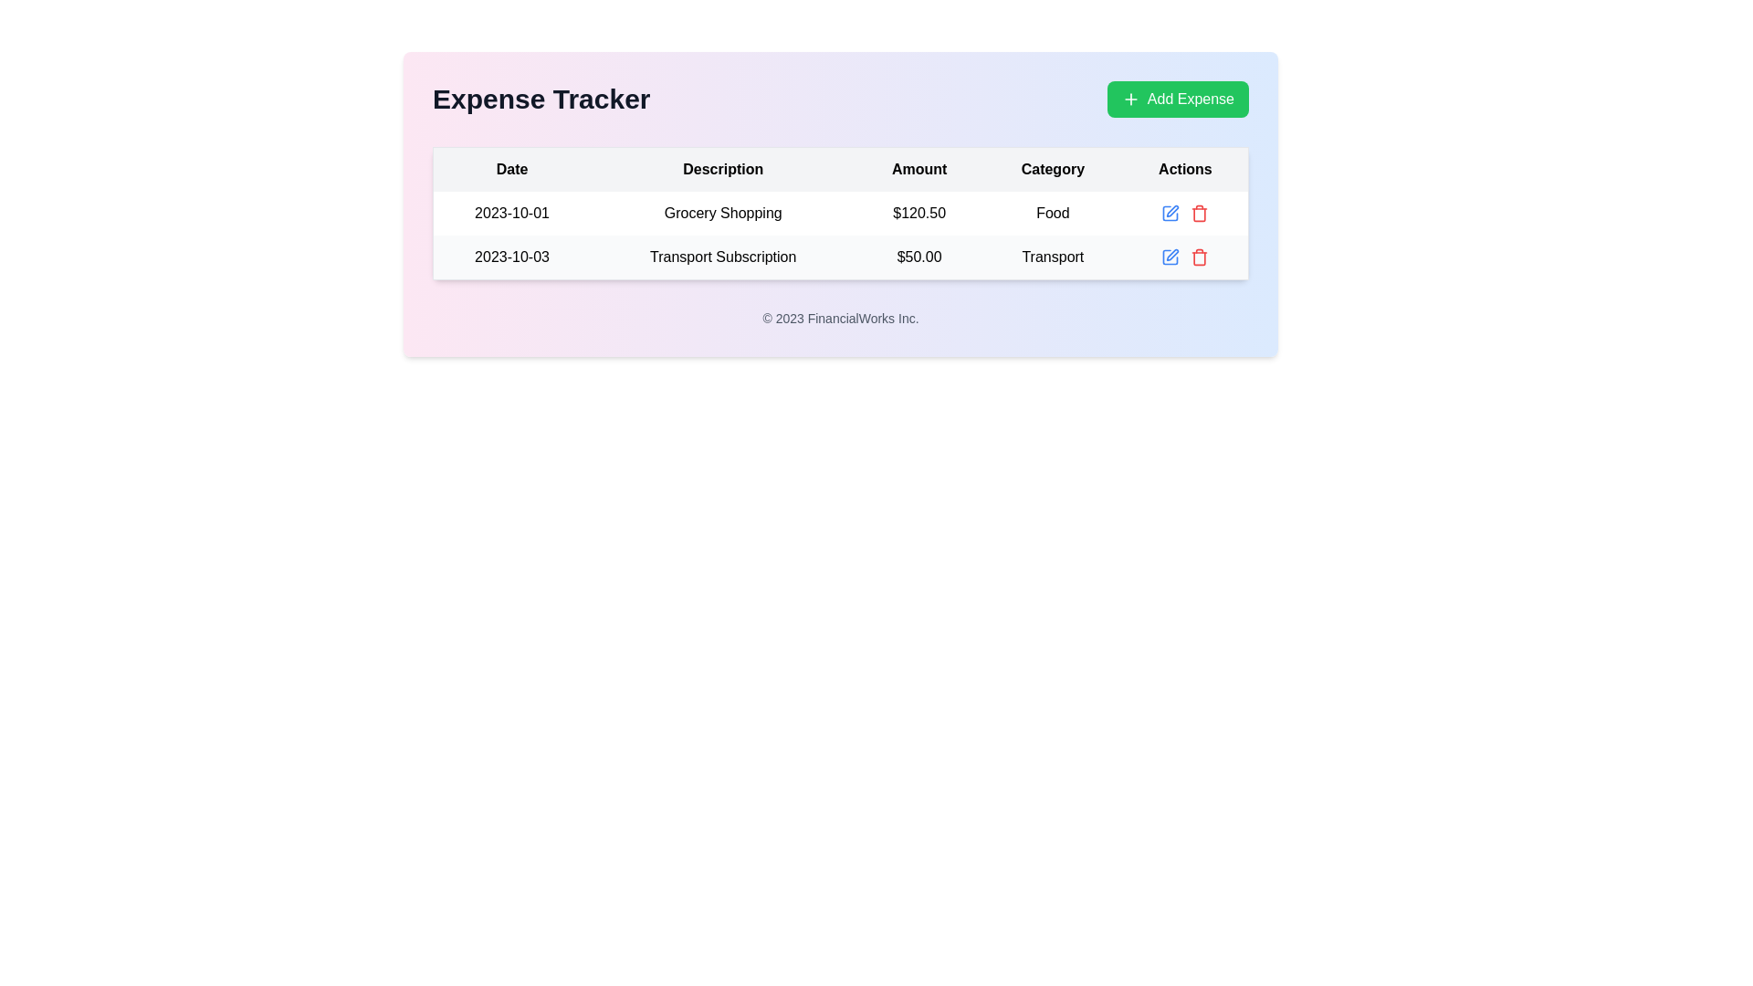 This screenshot has width=1753, height=986. What do you see at coordinates (1172, 255) in the screenshot?
I see `the edit icon in the 'Actions' column of the second row in the data table` at bounding box center [1172, 255].